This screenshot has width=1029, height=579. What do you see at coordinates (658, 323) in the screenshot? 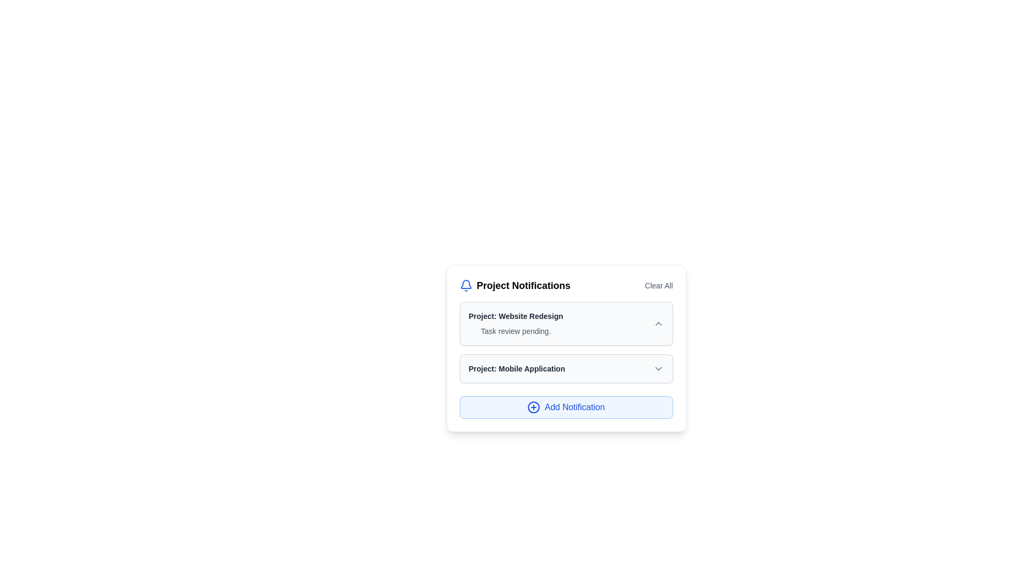
I see `the icon button located at the upper right corner of the 'Project: Website Redesign' notification block to change its shade` at bounding box center [658, 323].